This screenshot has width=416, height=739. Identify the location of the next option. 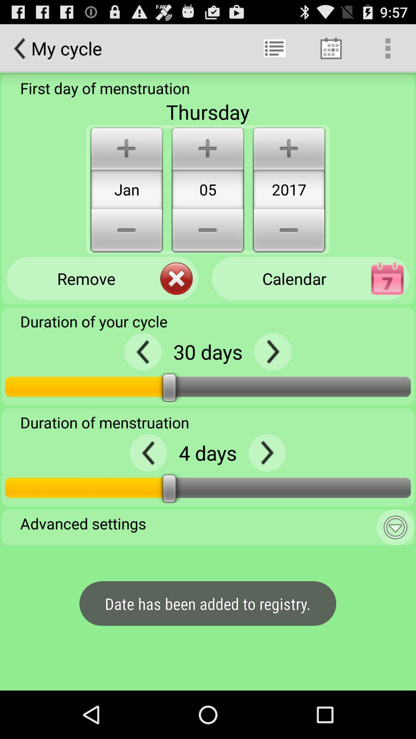
(272, 351).